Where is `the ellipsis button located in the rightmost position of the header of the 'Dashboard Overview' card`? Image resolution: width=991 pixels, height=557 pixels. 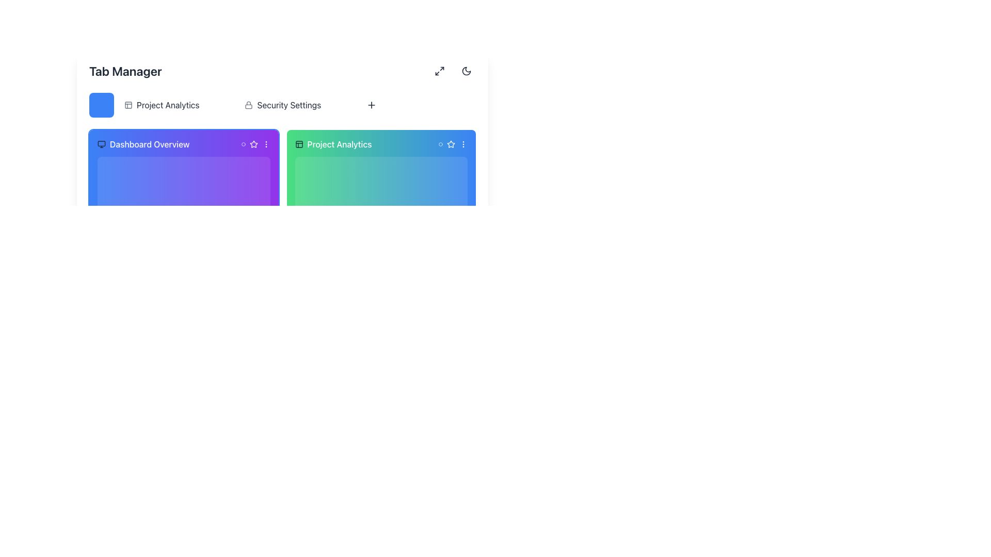 the ellipsis button located in the rightmost position of the header of the 'Dashboard Overview' card is located at coordinates (266, 144).